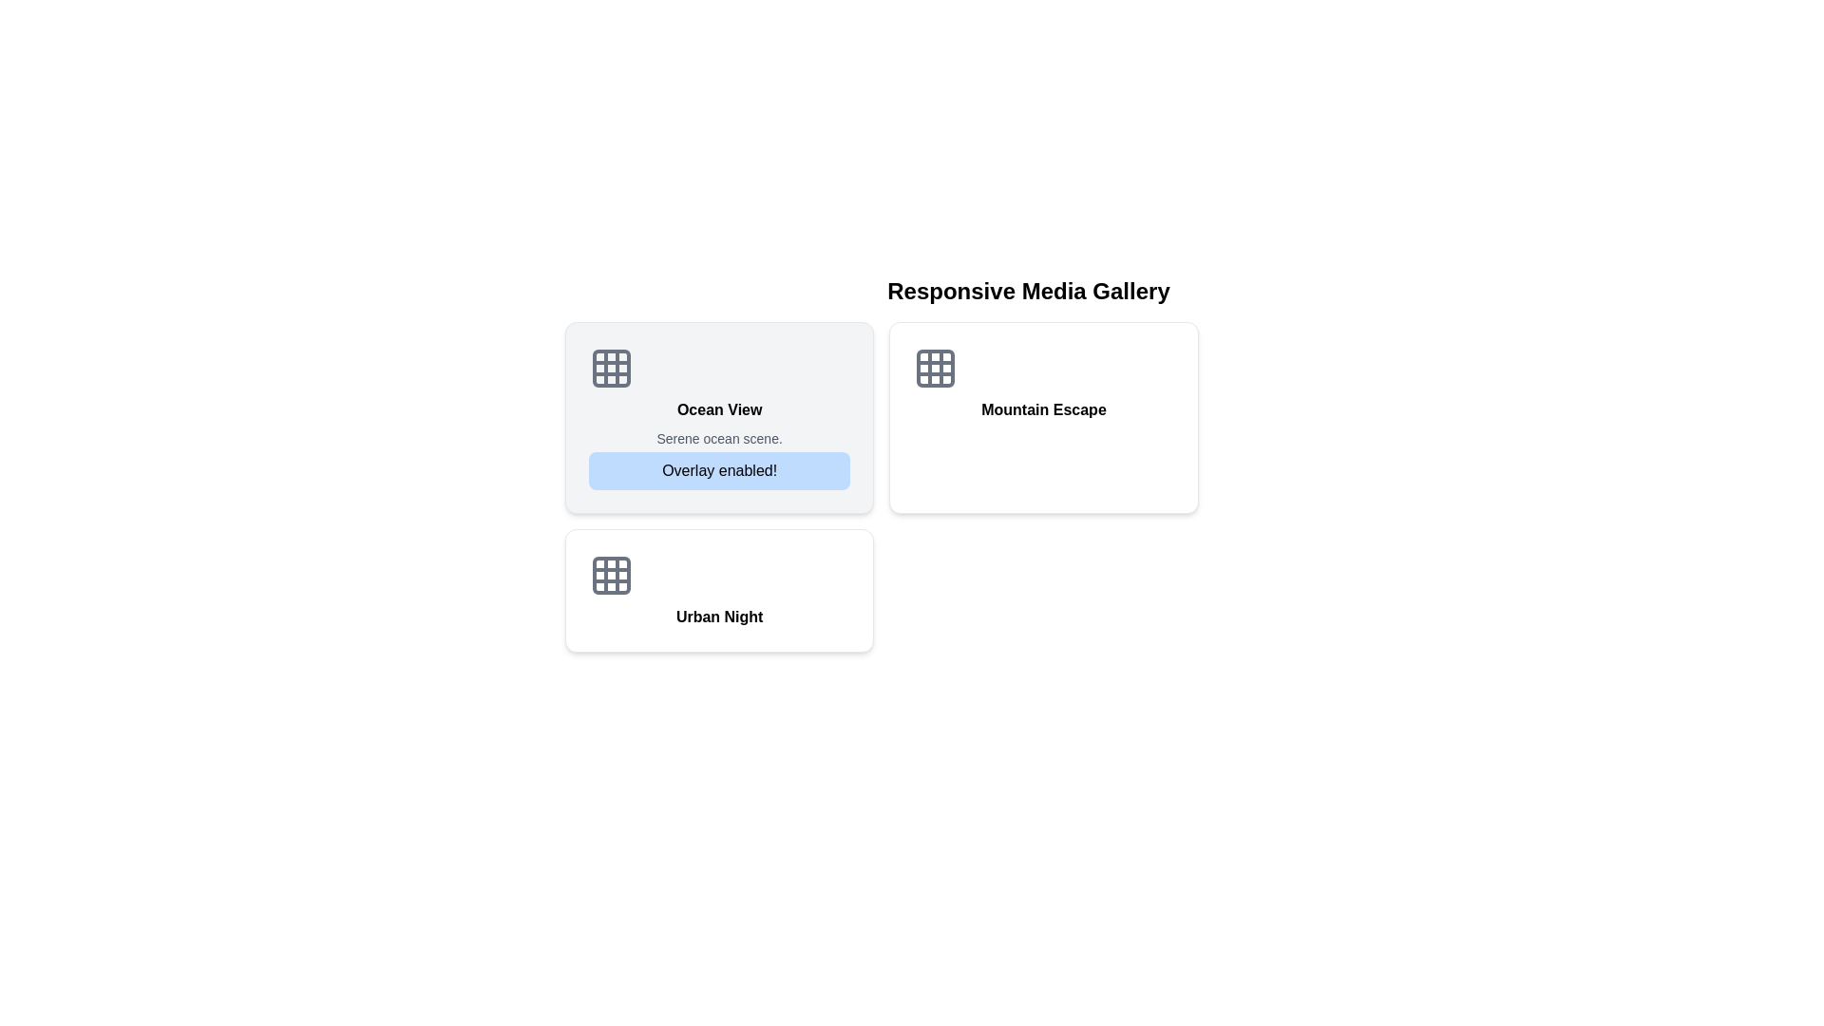 This screenshot has height=1026, width=1824. What do you see at coordinates (718, 589) in the screenshot?
I see `the informational card displaying details about 'Urban Night', located in the lower-left section of the grid layout` at bounding box center [718, 589].